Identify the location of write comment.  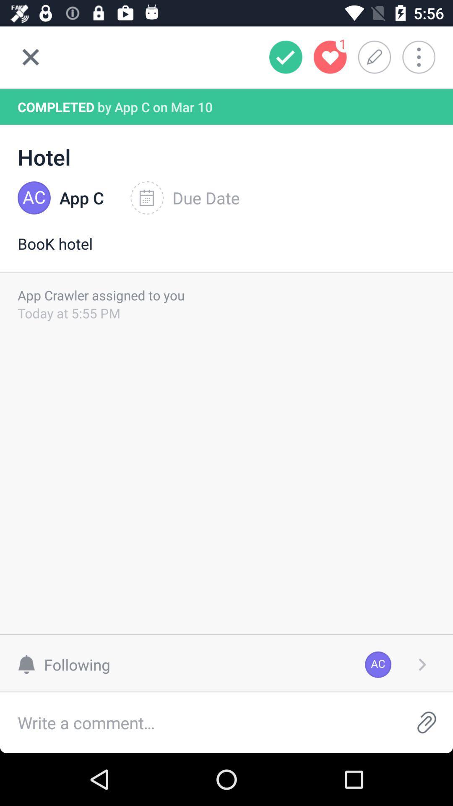
(200, 722).